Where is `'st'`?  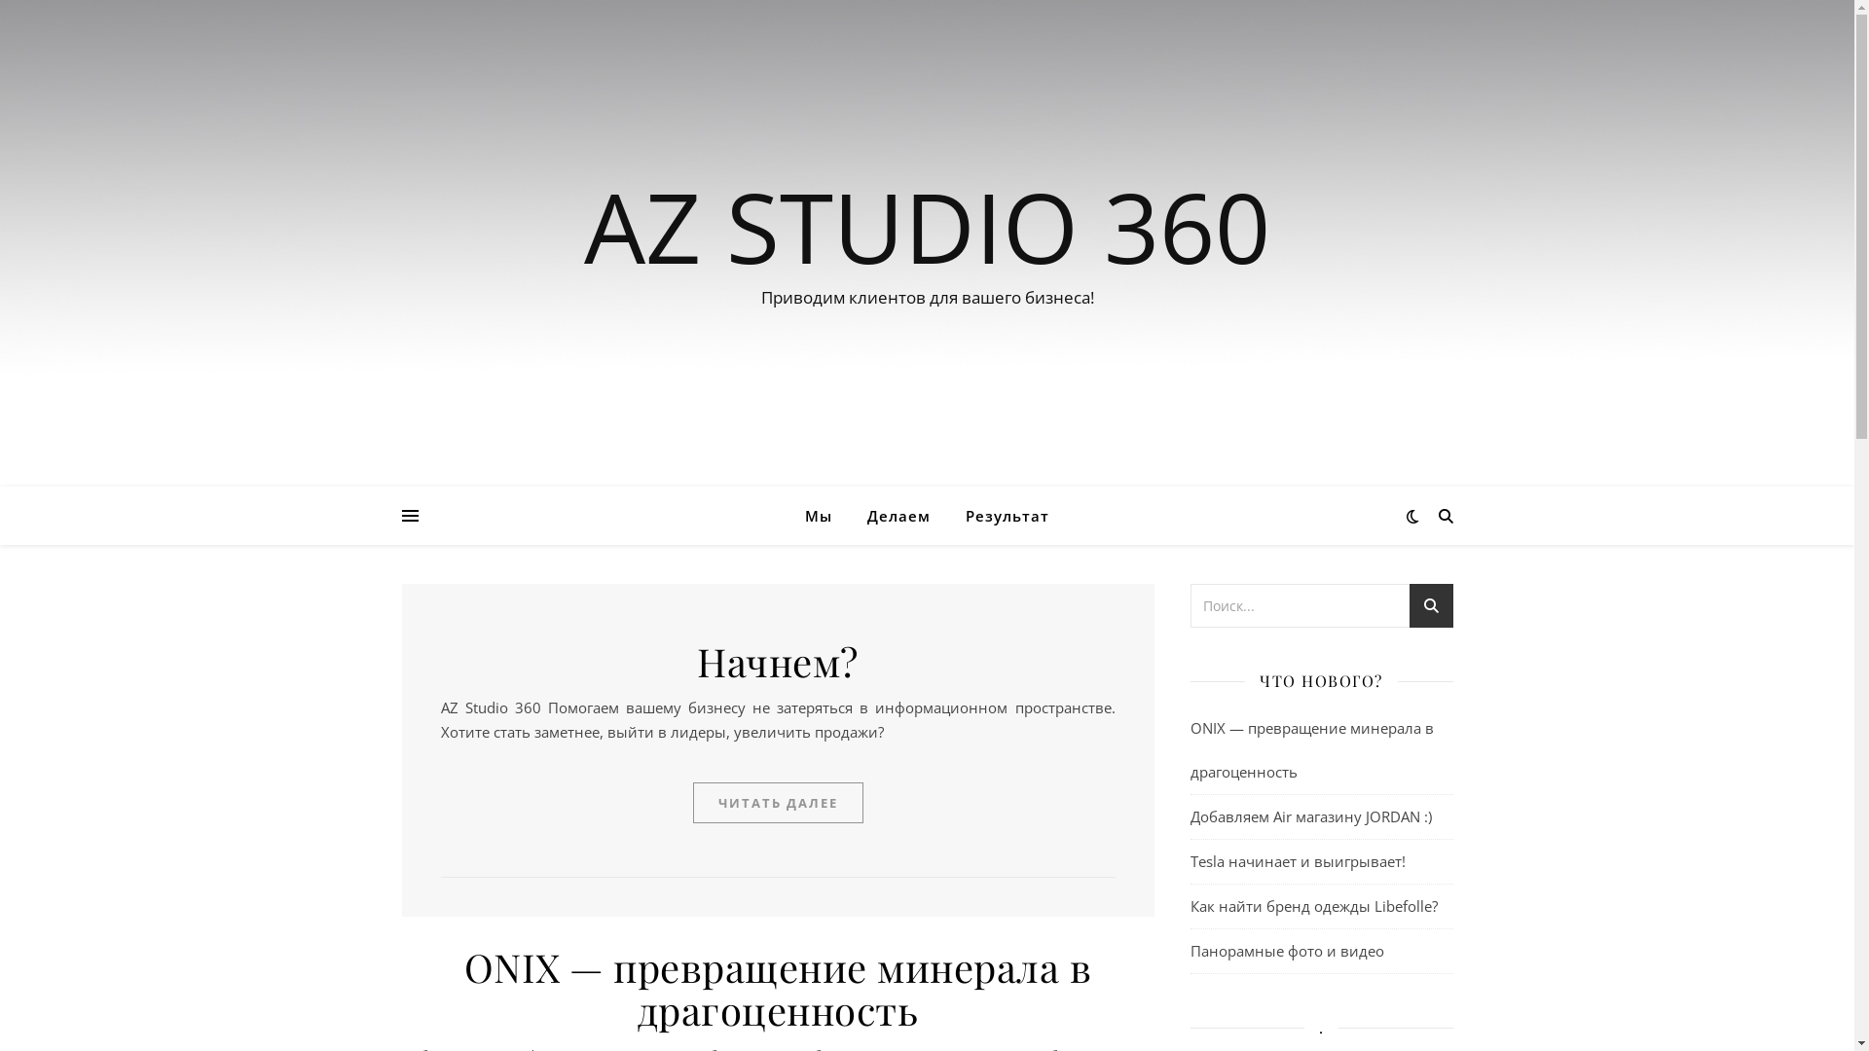
'st' is located at coordinates (1430, 607).